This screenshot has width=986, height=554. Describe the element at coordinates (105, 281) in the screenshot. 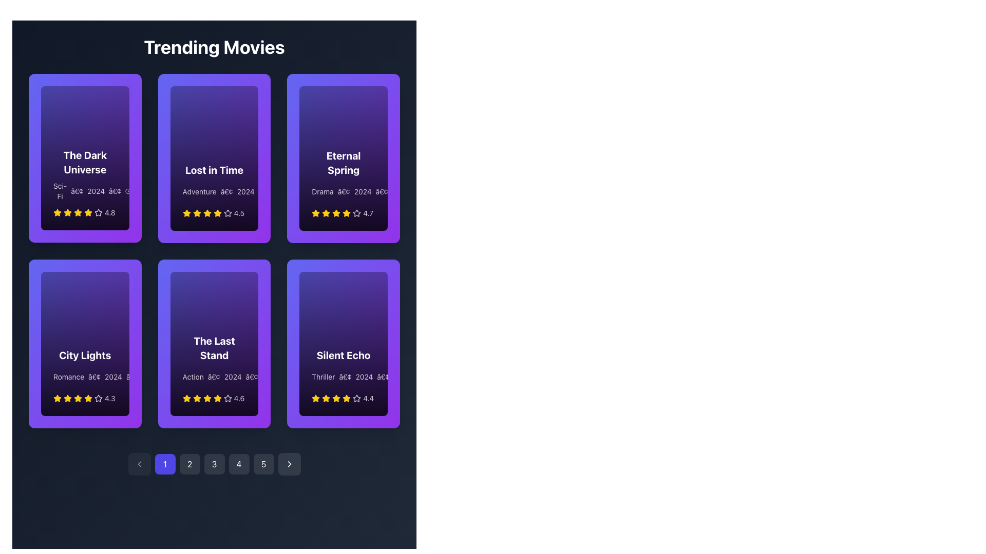

I see `the outermost circular outline of the Decorative SVG element located in the 'City Lights' movie card, positioned in the top-left corner of the second row and first column of the grid layout` at that location.